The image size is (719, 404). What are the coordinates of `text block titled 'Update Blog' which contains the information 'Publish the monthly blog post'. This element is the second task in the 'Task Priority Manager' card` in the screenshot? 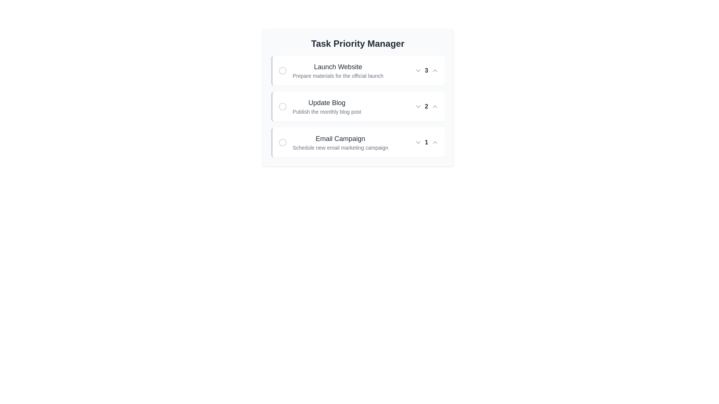 It's located at (327, 107).